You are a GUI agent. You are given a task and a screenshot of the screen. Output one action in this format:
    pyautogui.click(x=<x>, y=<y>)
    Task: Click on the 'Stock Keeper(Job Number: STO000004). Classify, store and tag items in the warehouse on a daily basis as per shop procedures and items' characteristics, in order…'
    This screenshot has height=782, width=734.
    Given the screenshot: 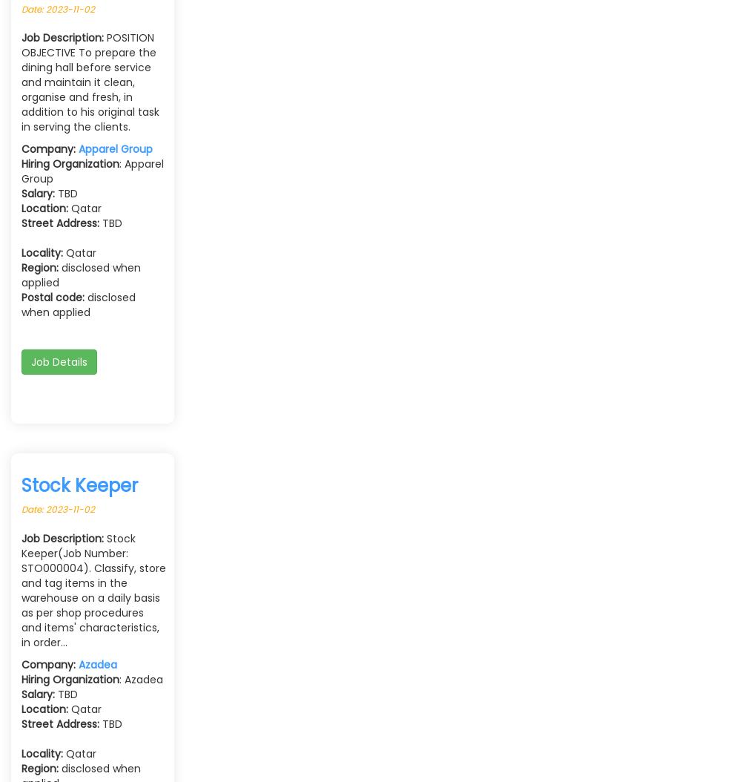 What is the action you would take?
    pyautogui.click(x=93, y=589)
    